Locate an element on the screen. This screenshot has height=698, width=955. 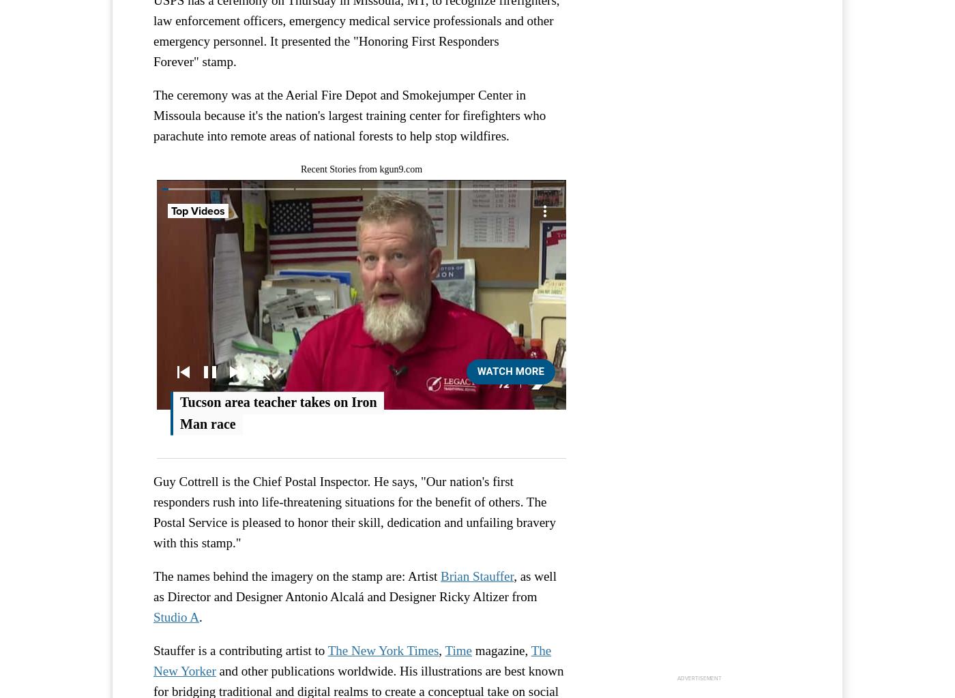
'Studio A' is located at coordinates (176, 616).